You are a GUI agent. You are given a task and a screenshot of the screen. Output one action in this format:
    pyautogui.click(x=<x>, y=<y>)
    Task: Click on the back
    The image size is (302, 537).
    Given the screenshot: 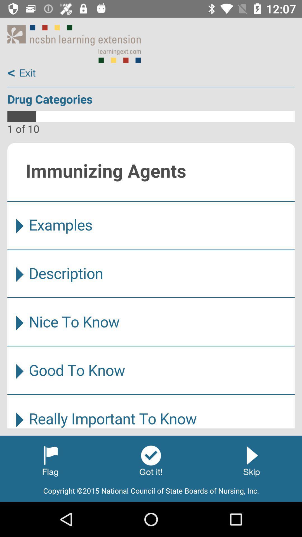 What is the action you would take?
    pyautogui.click(x=22, y=73)
    